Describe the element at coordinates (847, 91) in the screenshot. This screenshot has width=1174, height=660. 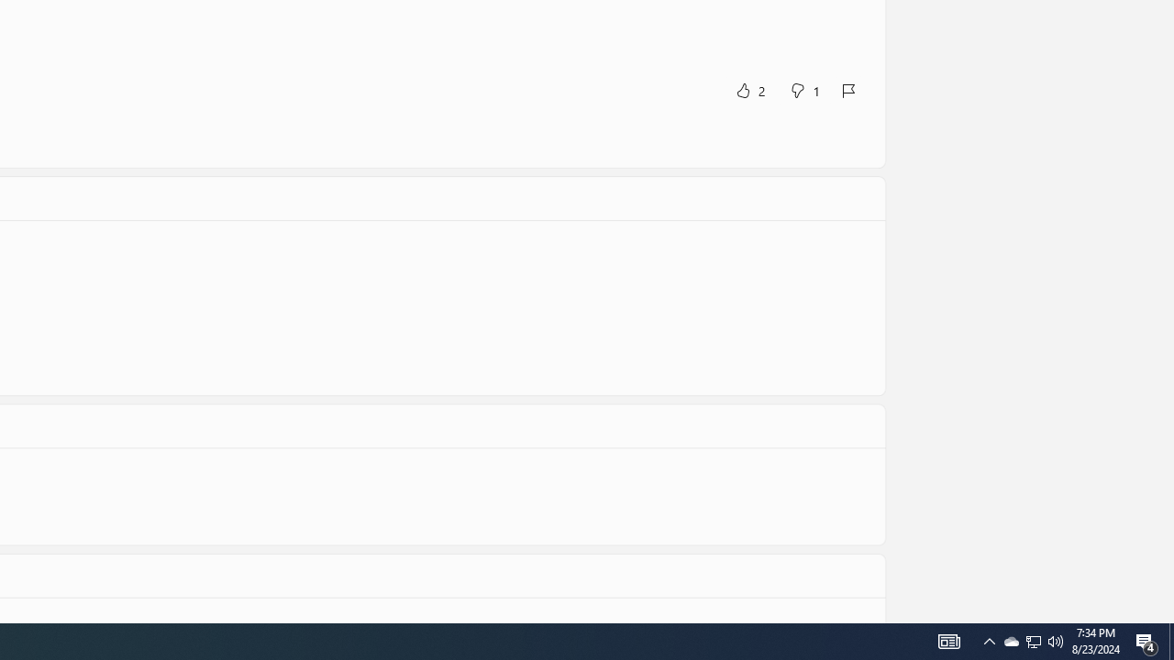
I see `'Report review'` at that location.